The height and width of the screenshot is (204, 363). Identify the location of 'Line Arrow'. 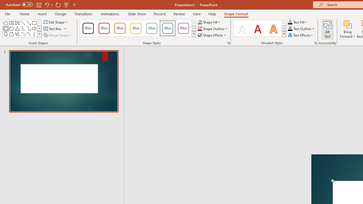
(28, 23).